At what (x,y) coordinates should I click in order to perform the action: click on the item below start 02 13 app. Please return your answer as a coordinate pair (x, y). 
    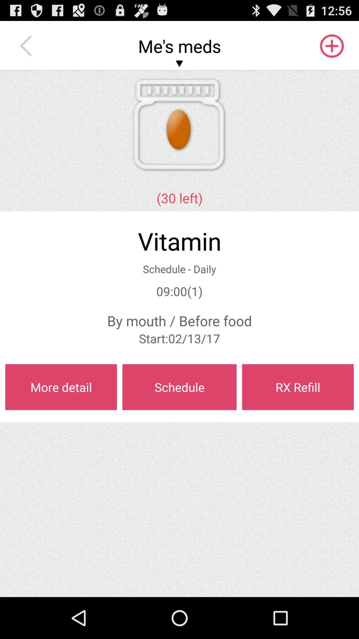
    Looking at the image, I should click on (61, 387).